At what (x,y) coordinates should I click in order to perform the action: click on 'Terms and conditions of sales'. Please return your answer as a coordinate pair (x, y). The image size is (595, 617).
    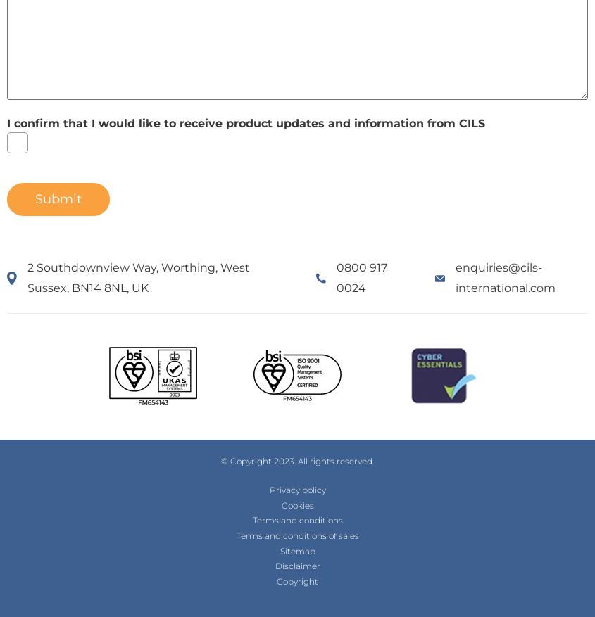
    Looking at the image, I should click on (296, 535).